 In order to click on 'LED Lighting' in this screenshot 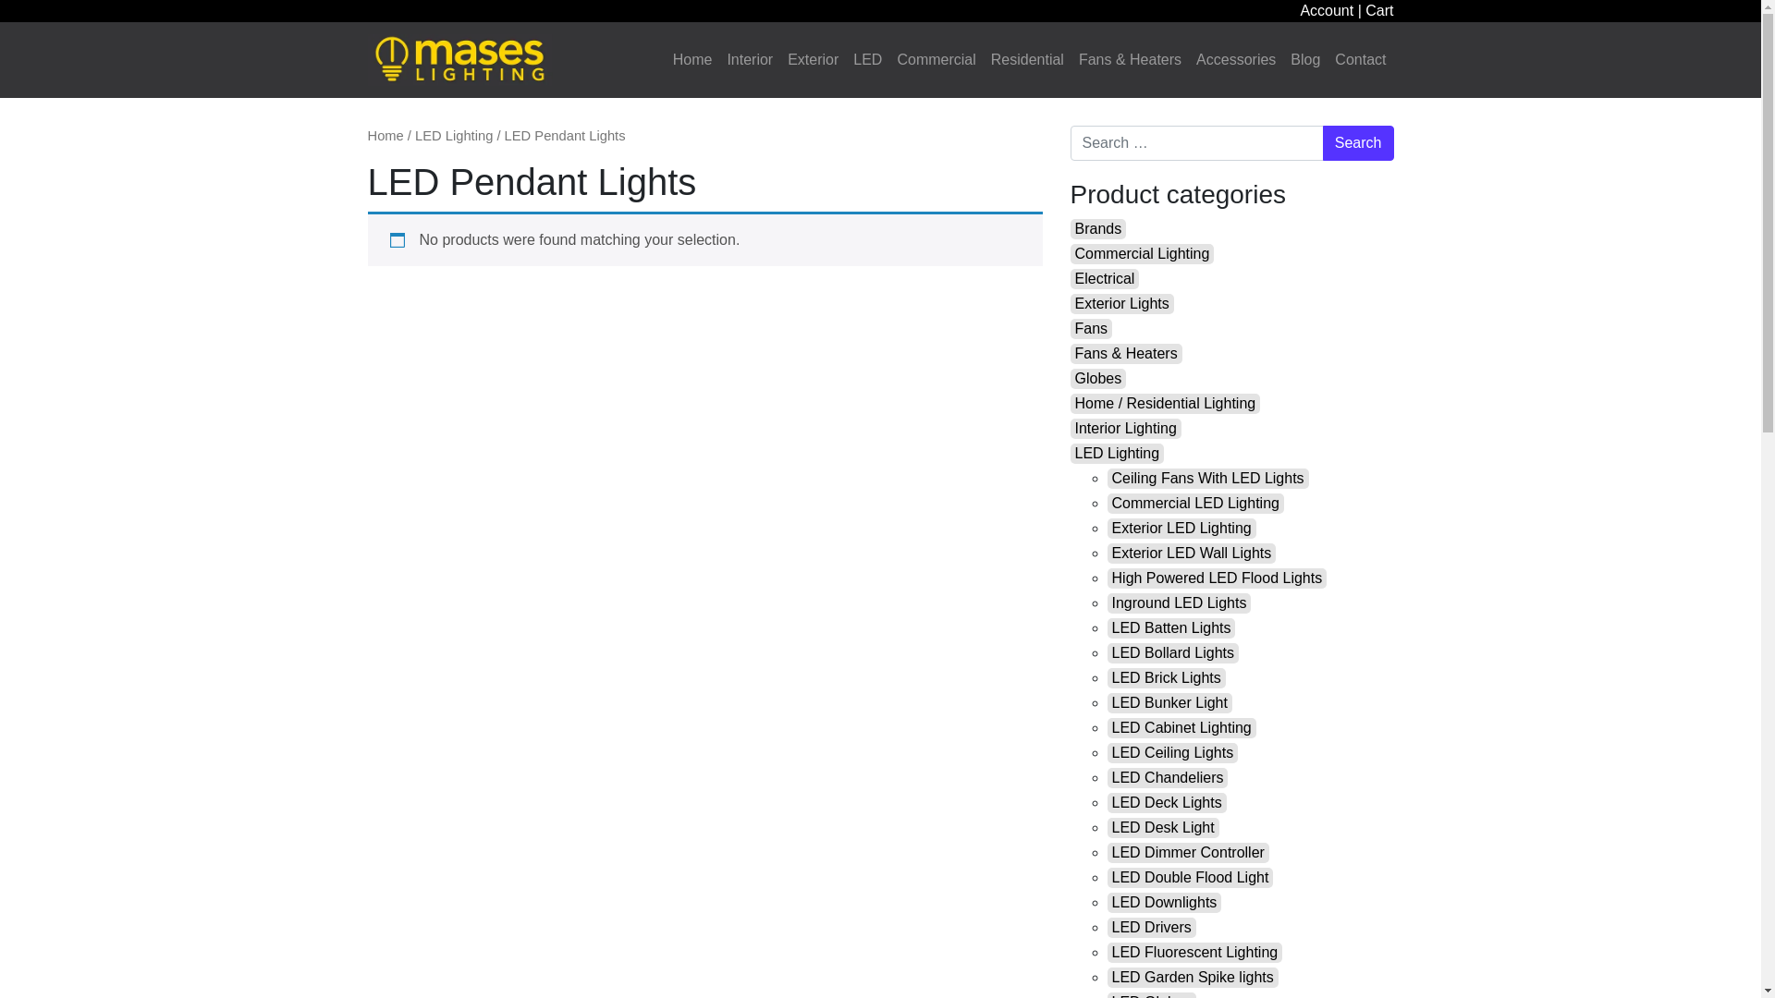, I will do `click(1070, 453)`.